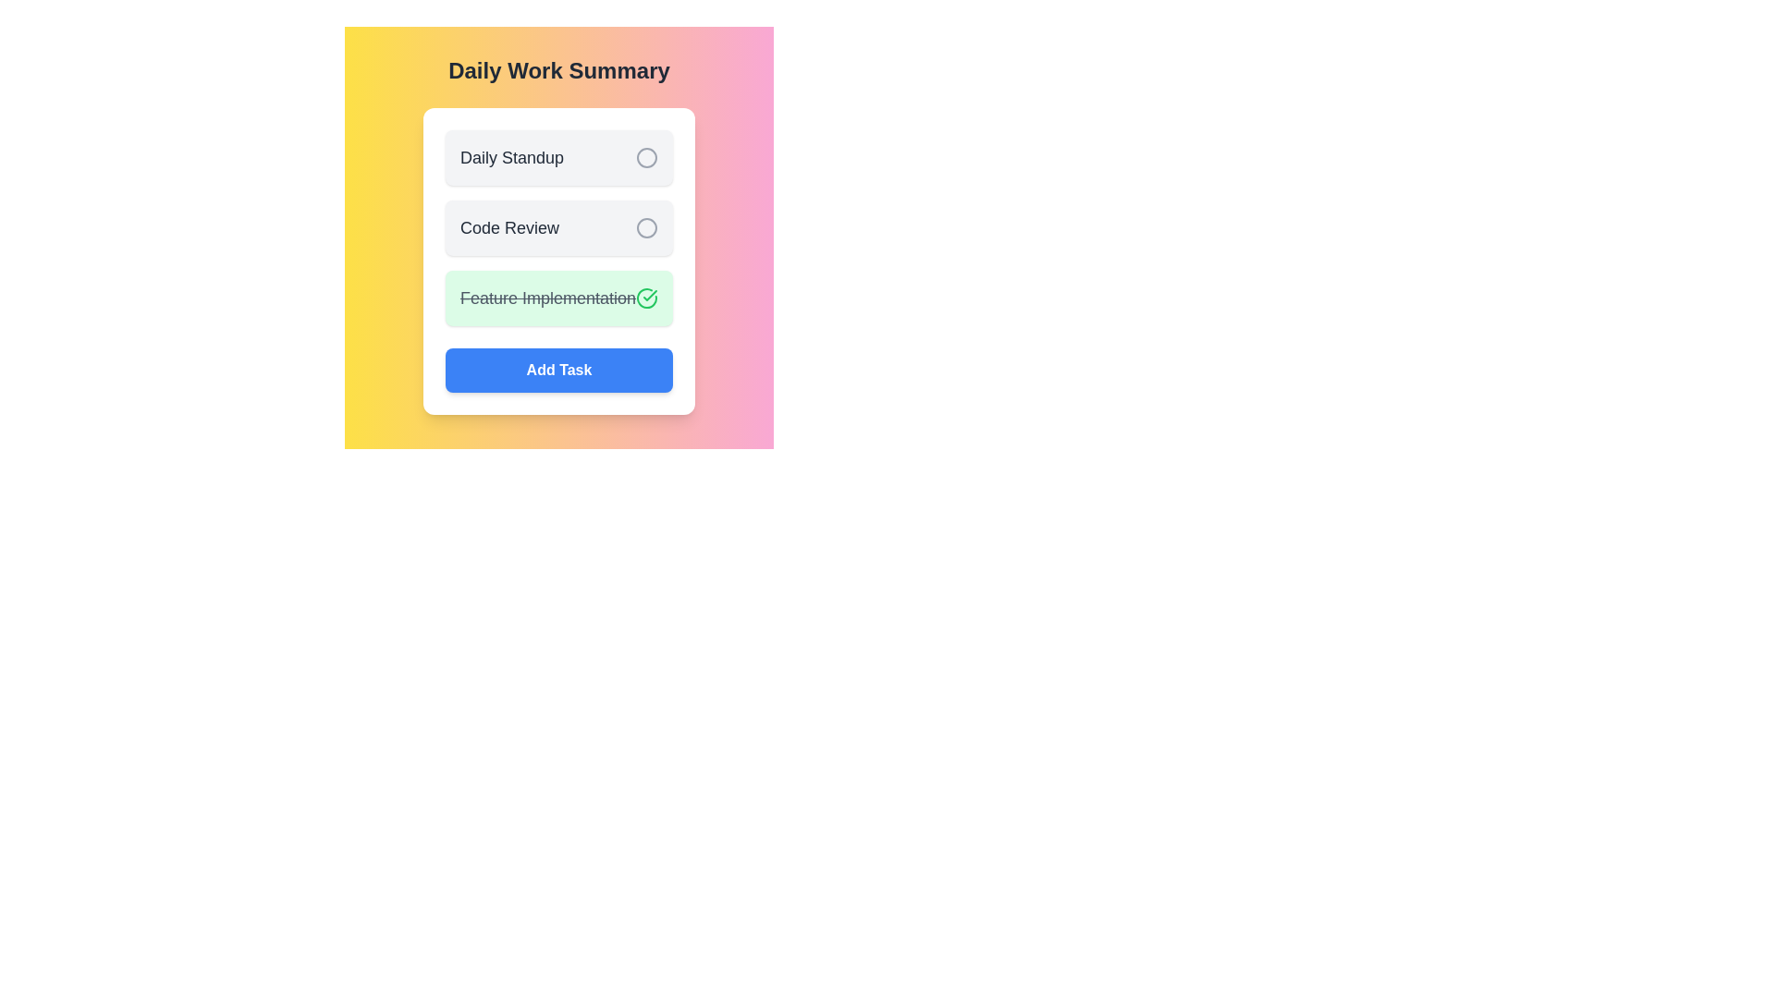 This screenshot has width=1775, height=998. Describe the element at coordinates (647, 298) in the screenshot. I see `the task completion icon for 'Feature Implementation'` at that location.